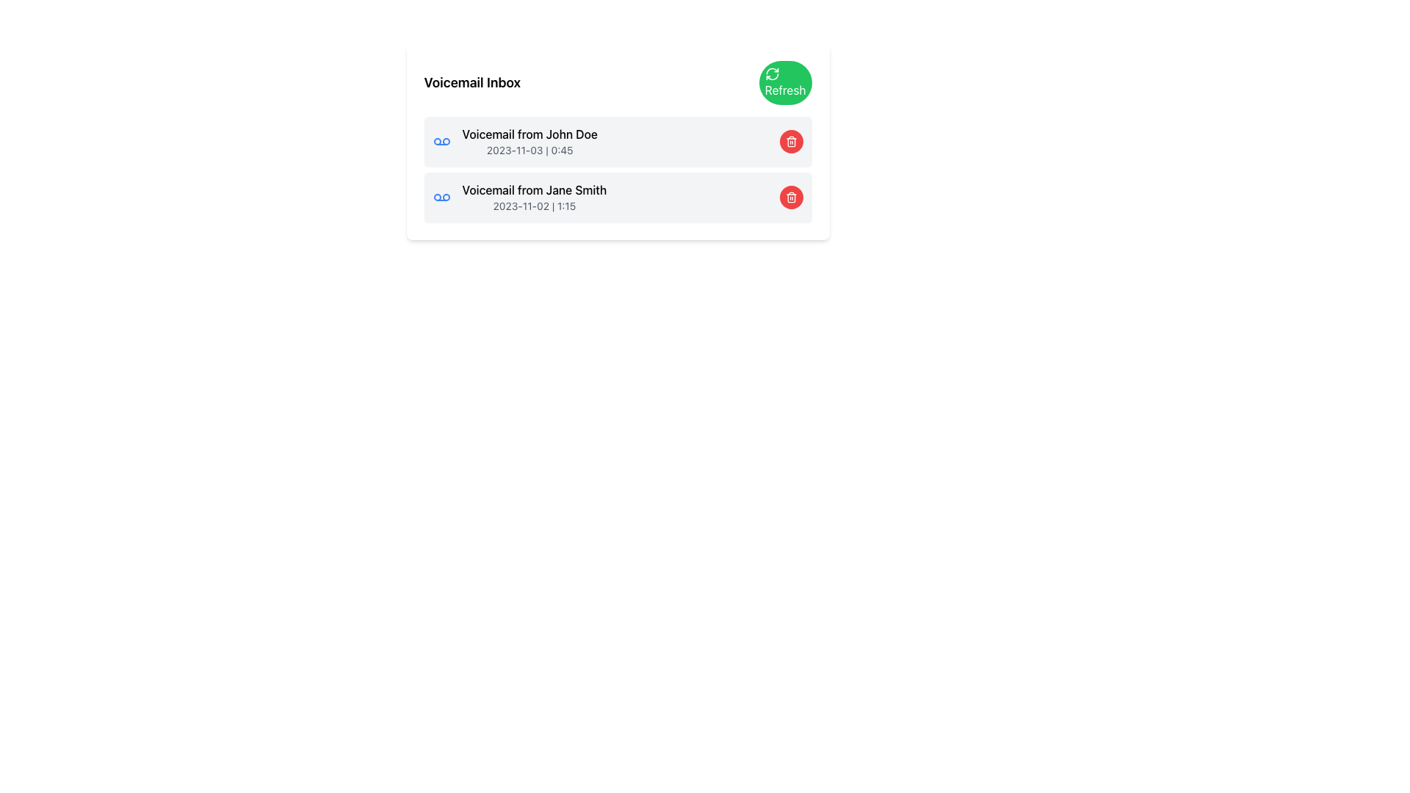  I want to click on the text label displaying the date and time information associated with the voicemail entry below 'Voicemail from Jane Smith', so click(533, 206).